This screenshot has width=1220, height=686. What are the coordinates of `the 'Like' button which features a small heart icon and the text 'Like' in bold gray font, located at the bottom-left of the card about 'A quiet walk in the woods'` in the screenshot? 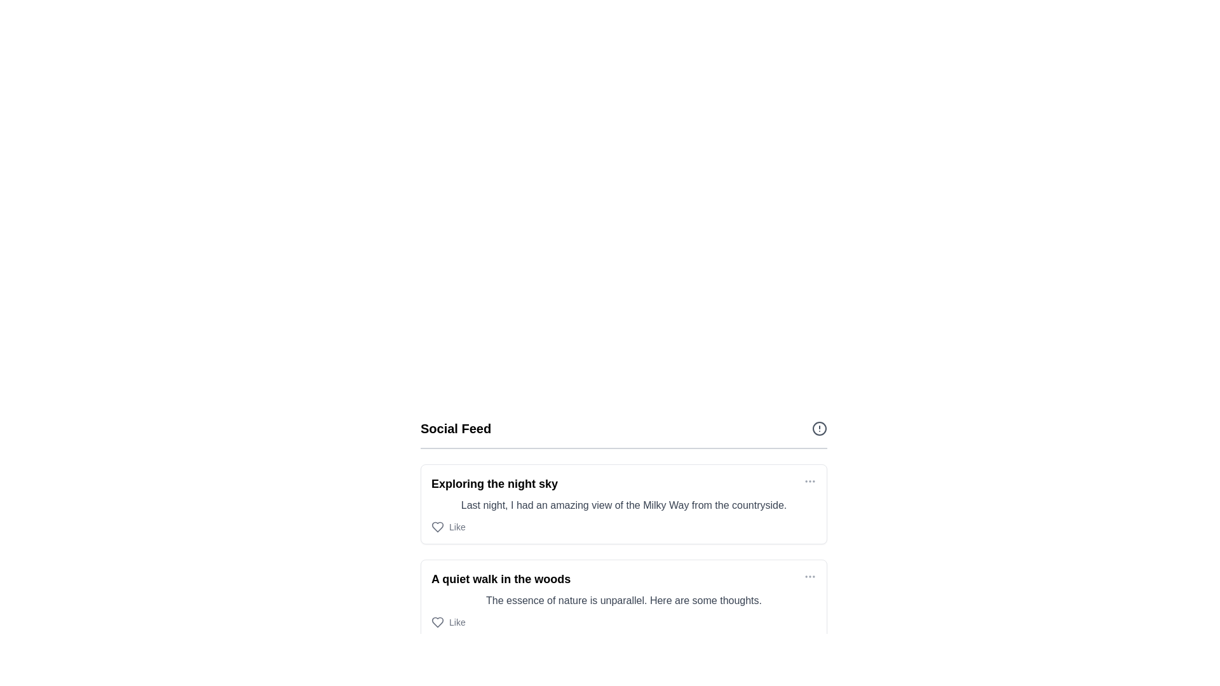 It's located at (448, 621).